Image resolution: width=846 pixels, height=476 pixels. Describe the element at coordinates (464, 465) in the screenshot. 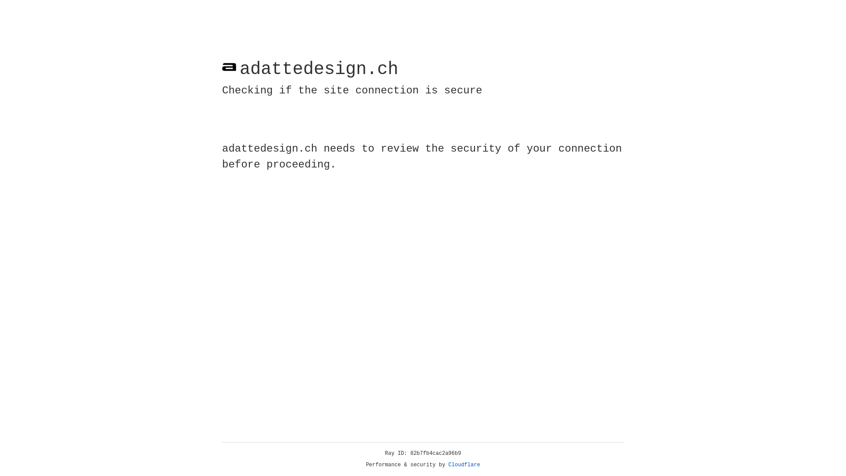

I see `'Cloudflare'` at that location.